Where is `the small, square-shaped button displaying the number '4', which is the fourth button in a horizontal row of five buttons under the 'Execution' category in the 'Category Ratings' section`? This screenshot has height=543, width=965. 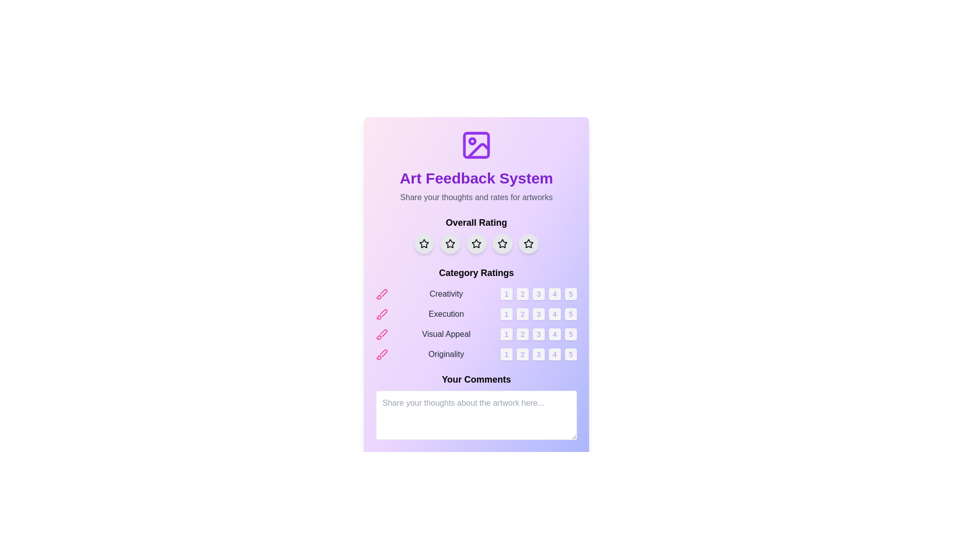
the small, square-shaped button displaying the number '4', which is the fourth button in a horizontal row of five buttons under the 'Execution' category in the 'Category Ratings' section is located at coordinates (554, 313).